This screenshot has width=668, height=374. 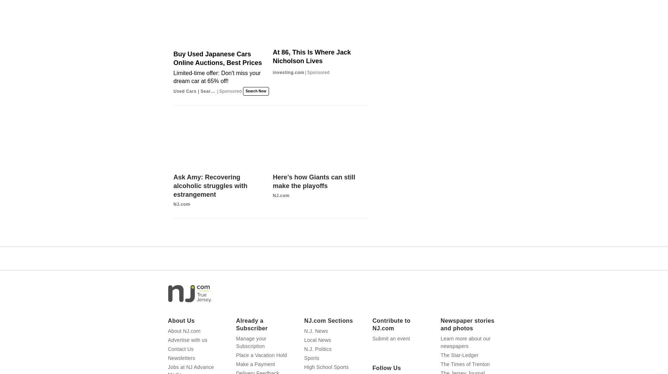 What do you see at coordinates (440, 324) in the screenshot?
I see `'Newspaper stories and photos'` at bounding box center [440, 324].